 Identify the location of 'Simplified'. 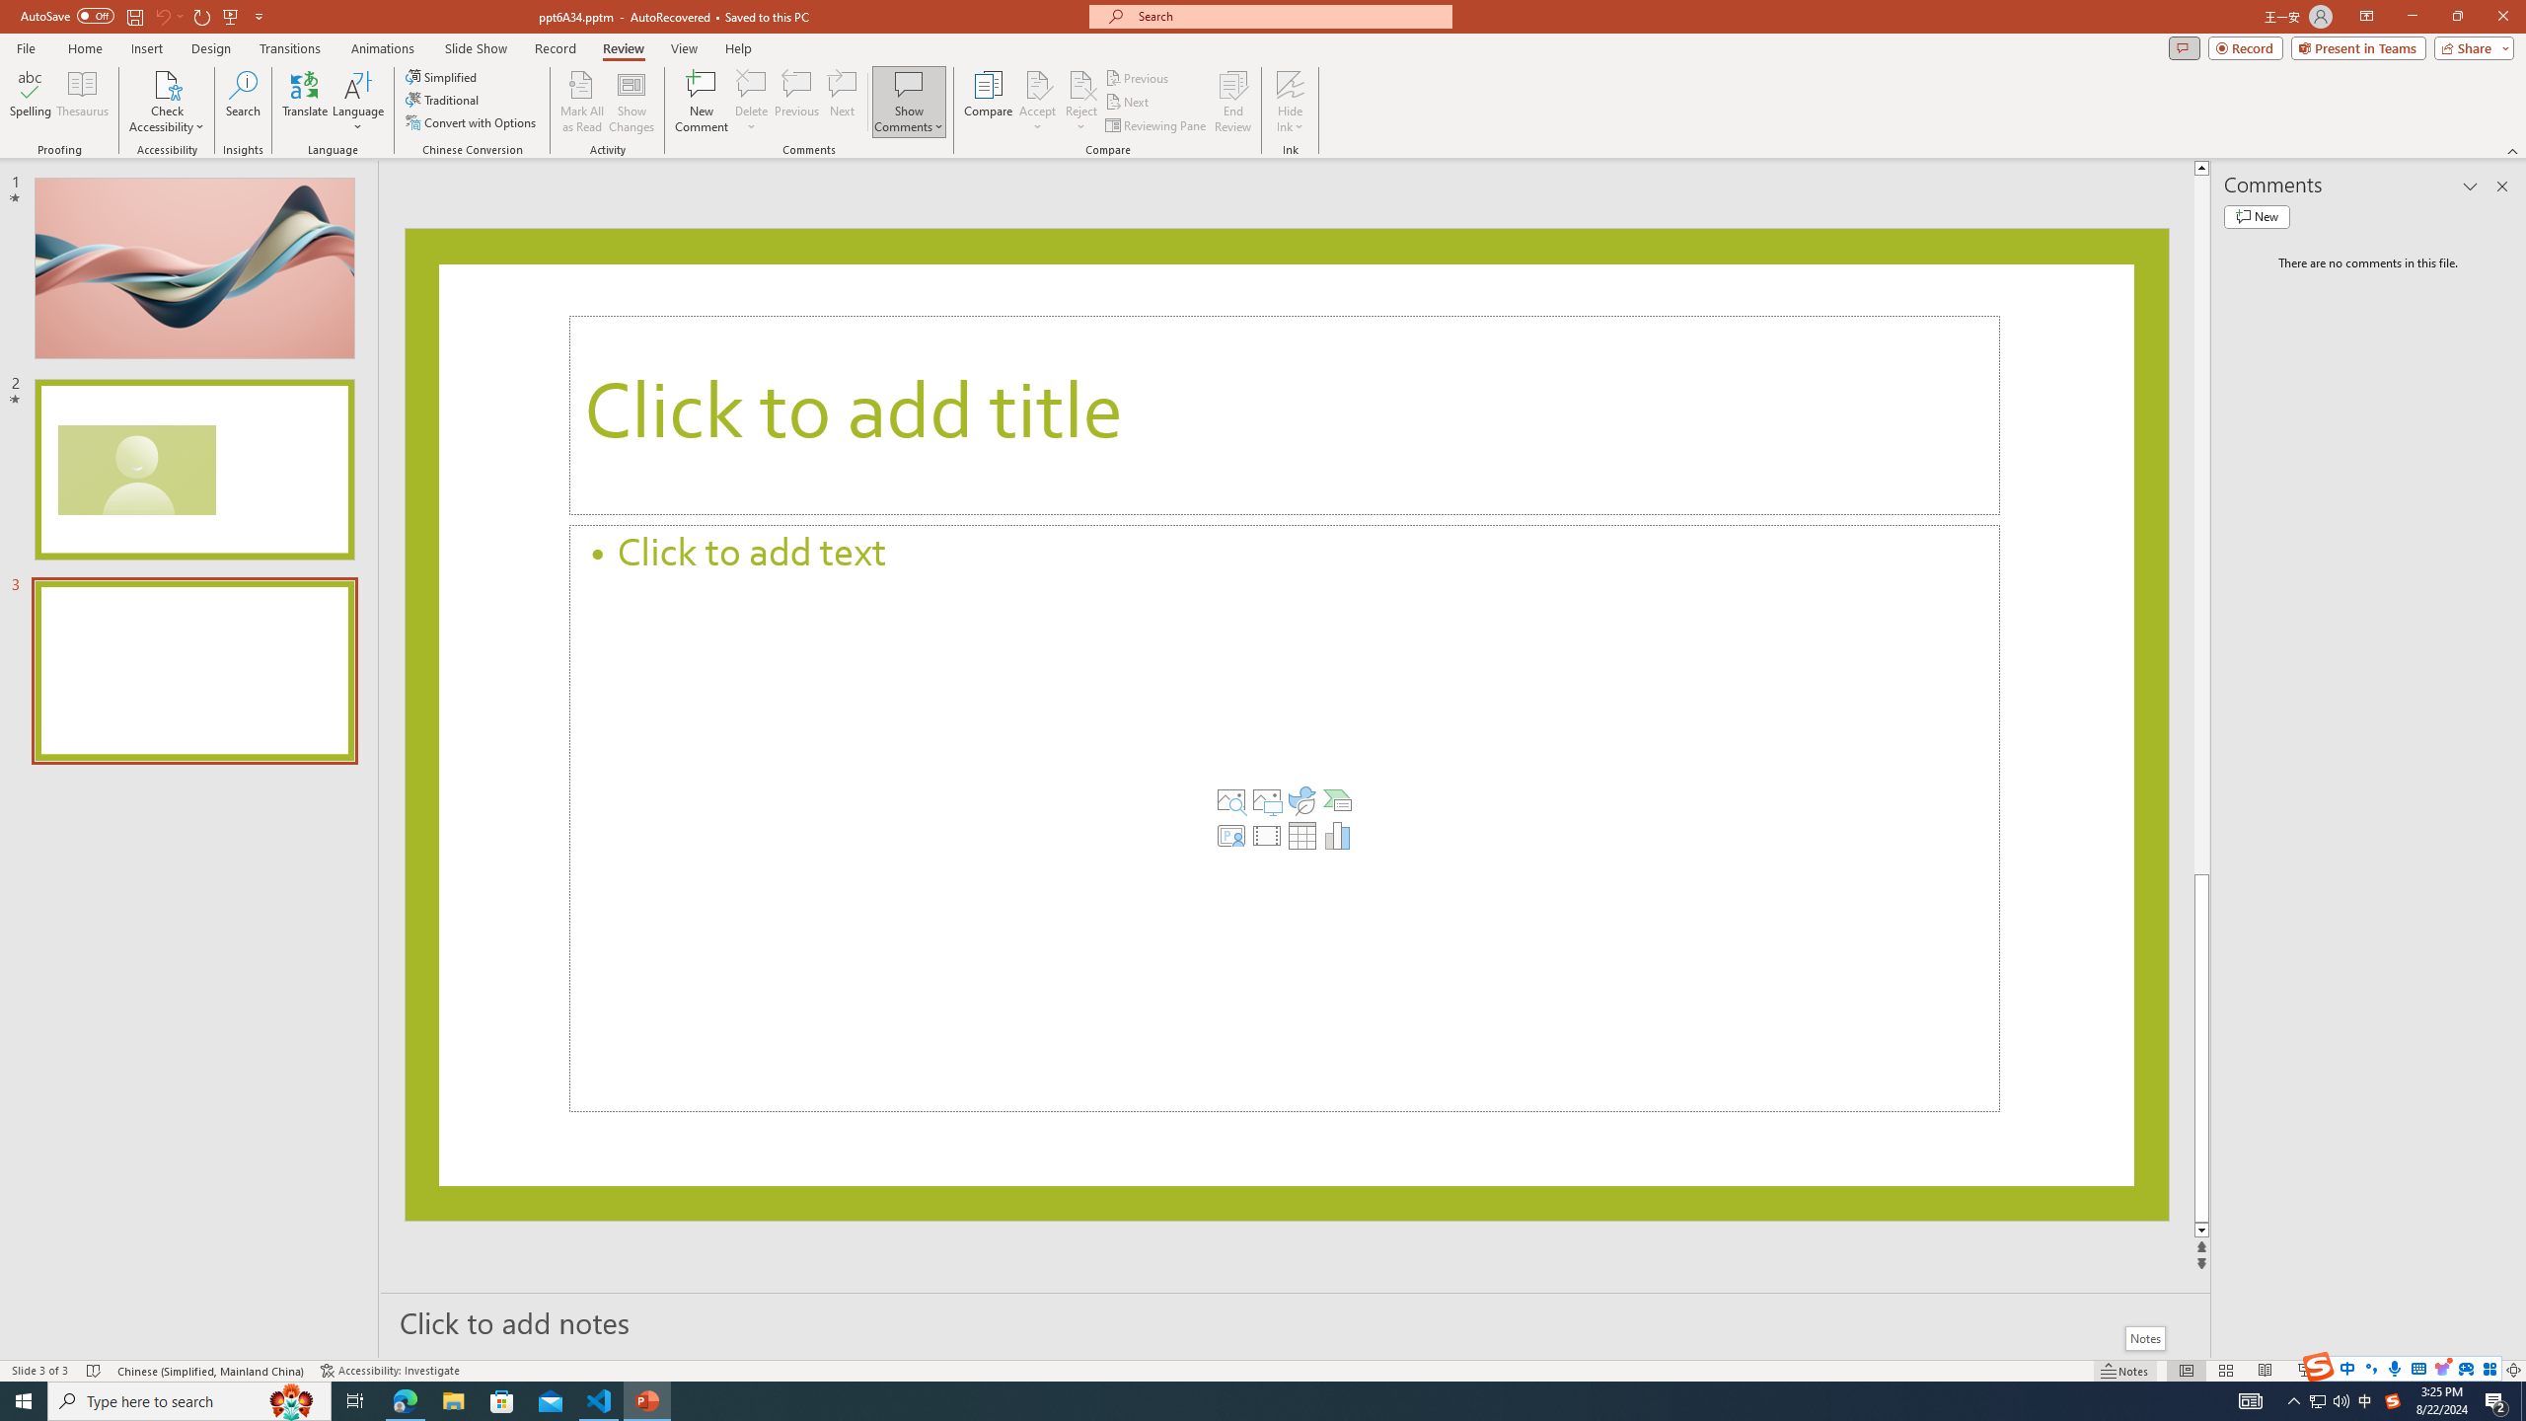
(442, 76).